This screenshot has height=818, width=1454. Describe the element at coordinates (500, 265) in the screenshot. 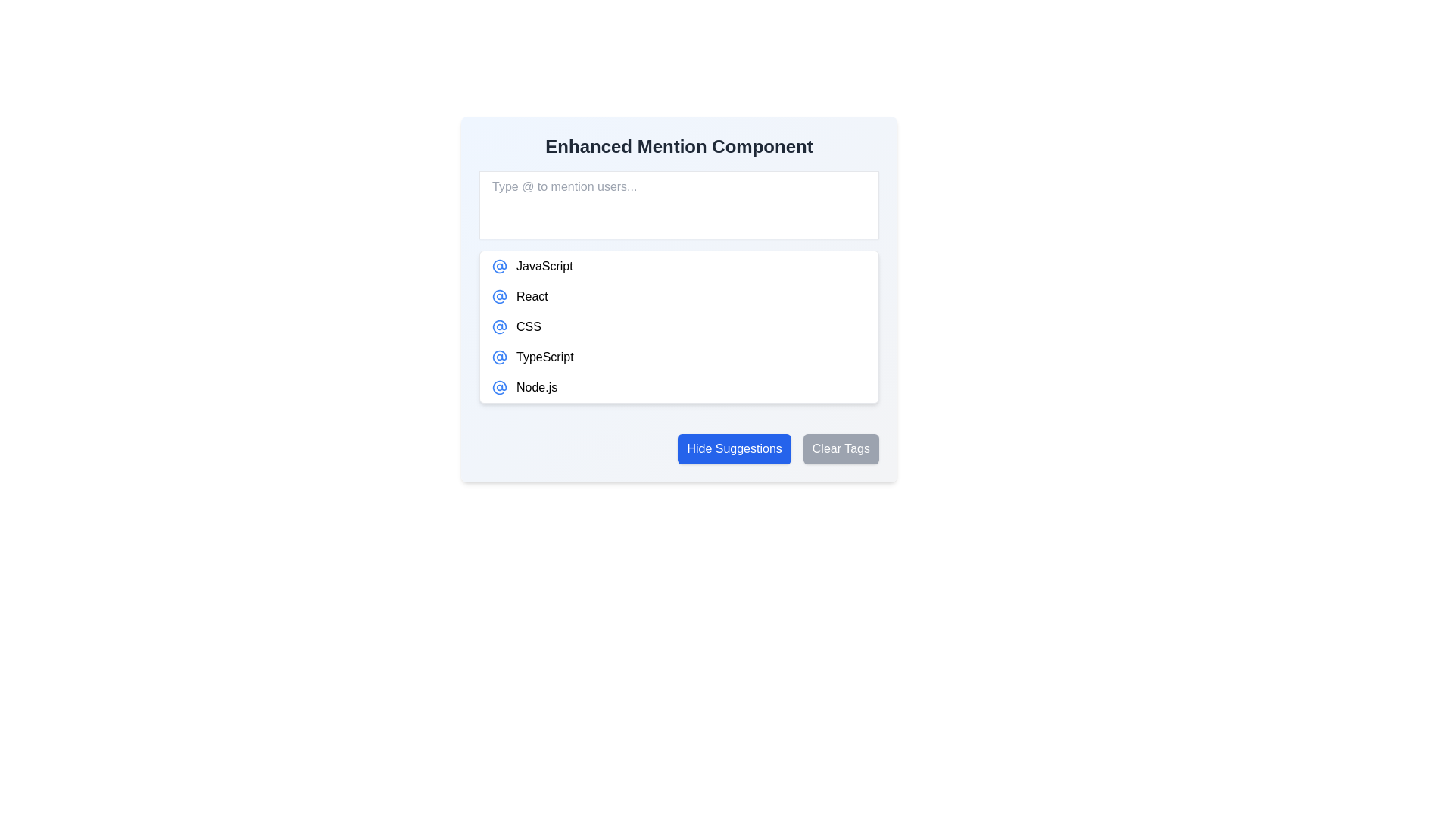

I see `the circular '@' icon in blue that is positioned to the left of the 'JavaScript' text label` at that location.